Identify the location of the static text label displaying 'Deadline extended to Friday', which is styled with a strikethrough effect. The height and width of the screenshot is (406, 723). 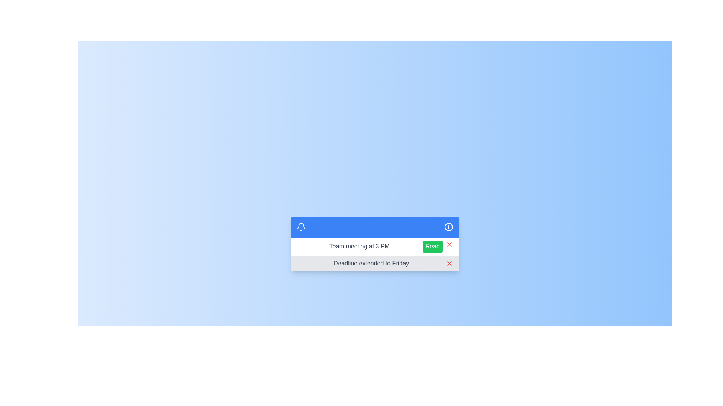
(371, 263).